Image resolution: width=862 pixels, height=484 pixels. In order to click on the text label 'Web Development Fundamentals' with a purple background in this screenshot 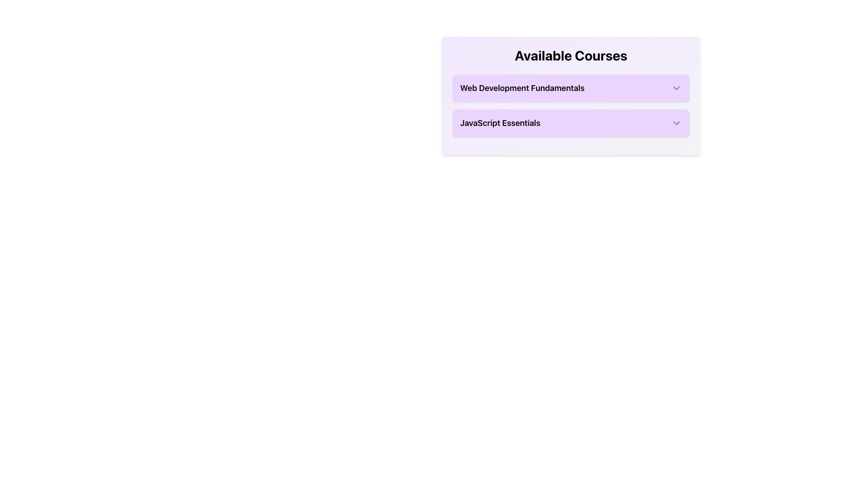, I will do `click(522, 88)`.